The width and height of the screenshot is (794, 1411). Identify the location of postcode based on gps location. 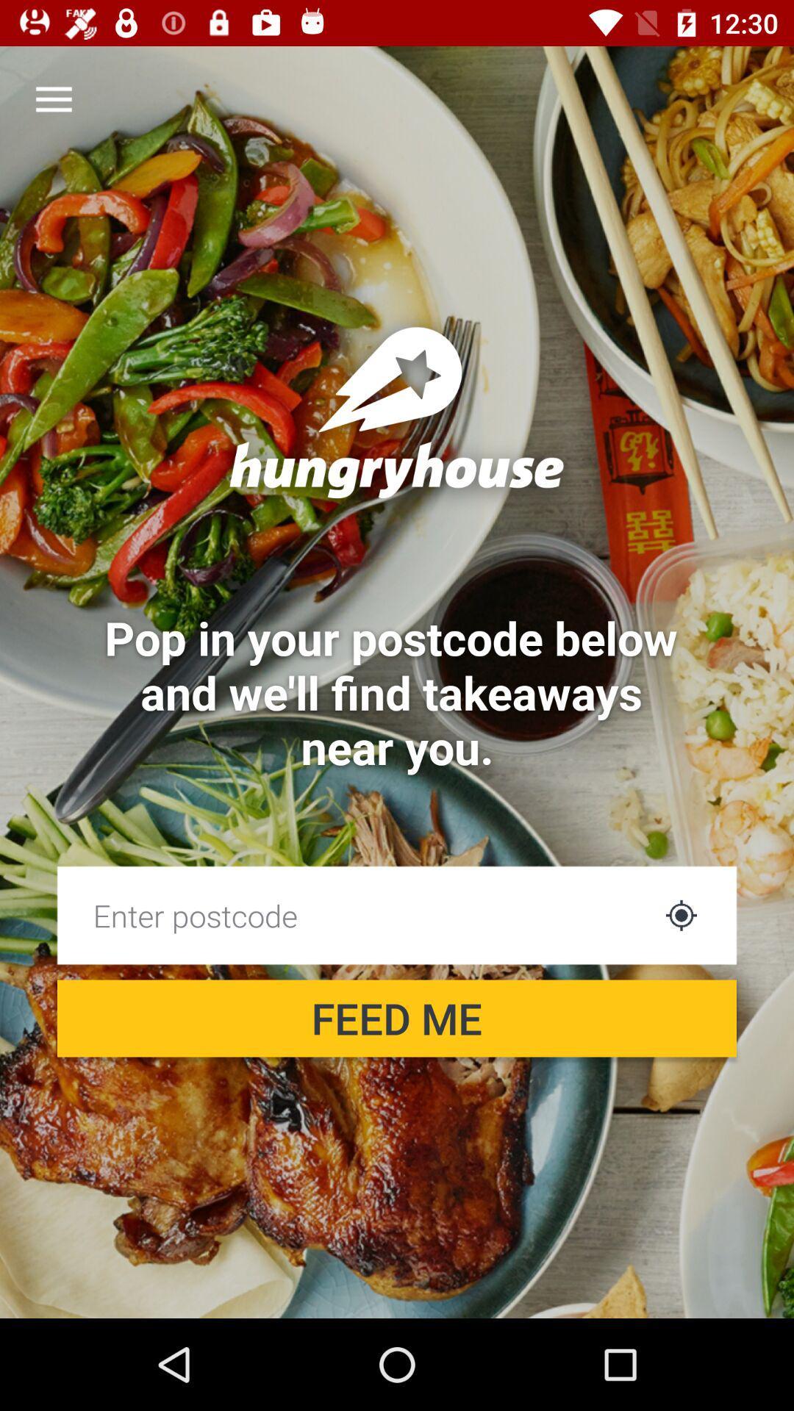
(681, 914).